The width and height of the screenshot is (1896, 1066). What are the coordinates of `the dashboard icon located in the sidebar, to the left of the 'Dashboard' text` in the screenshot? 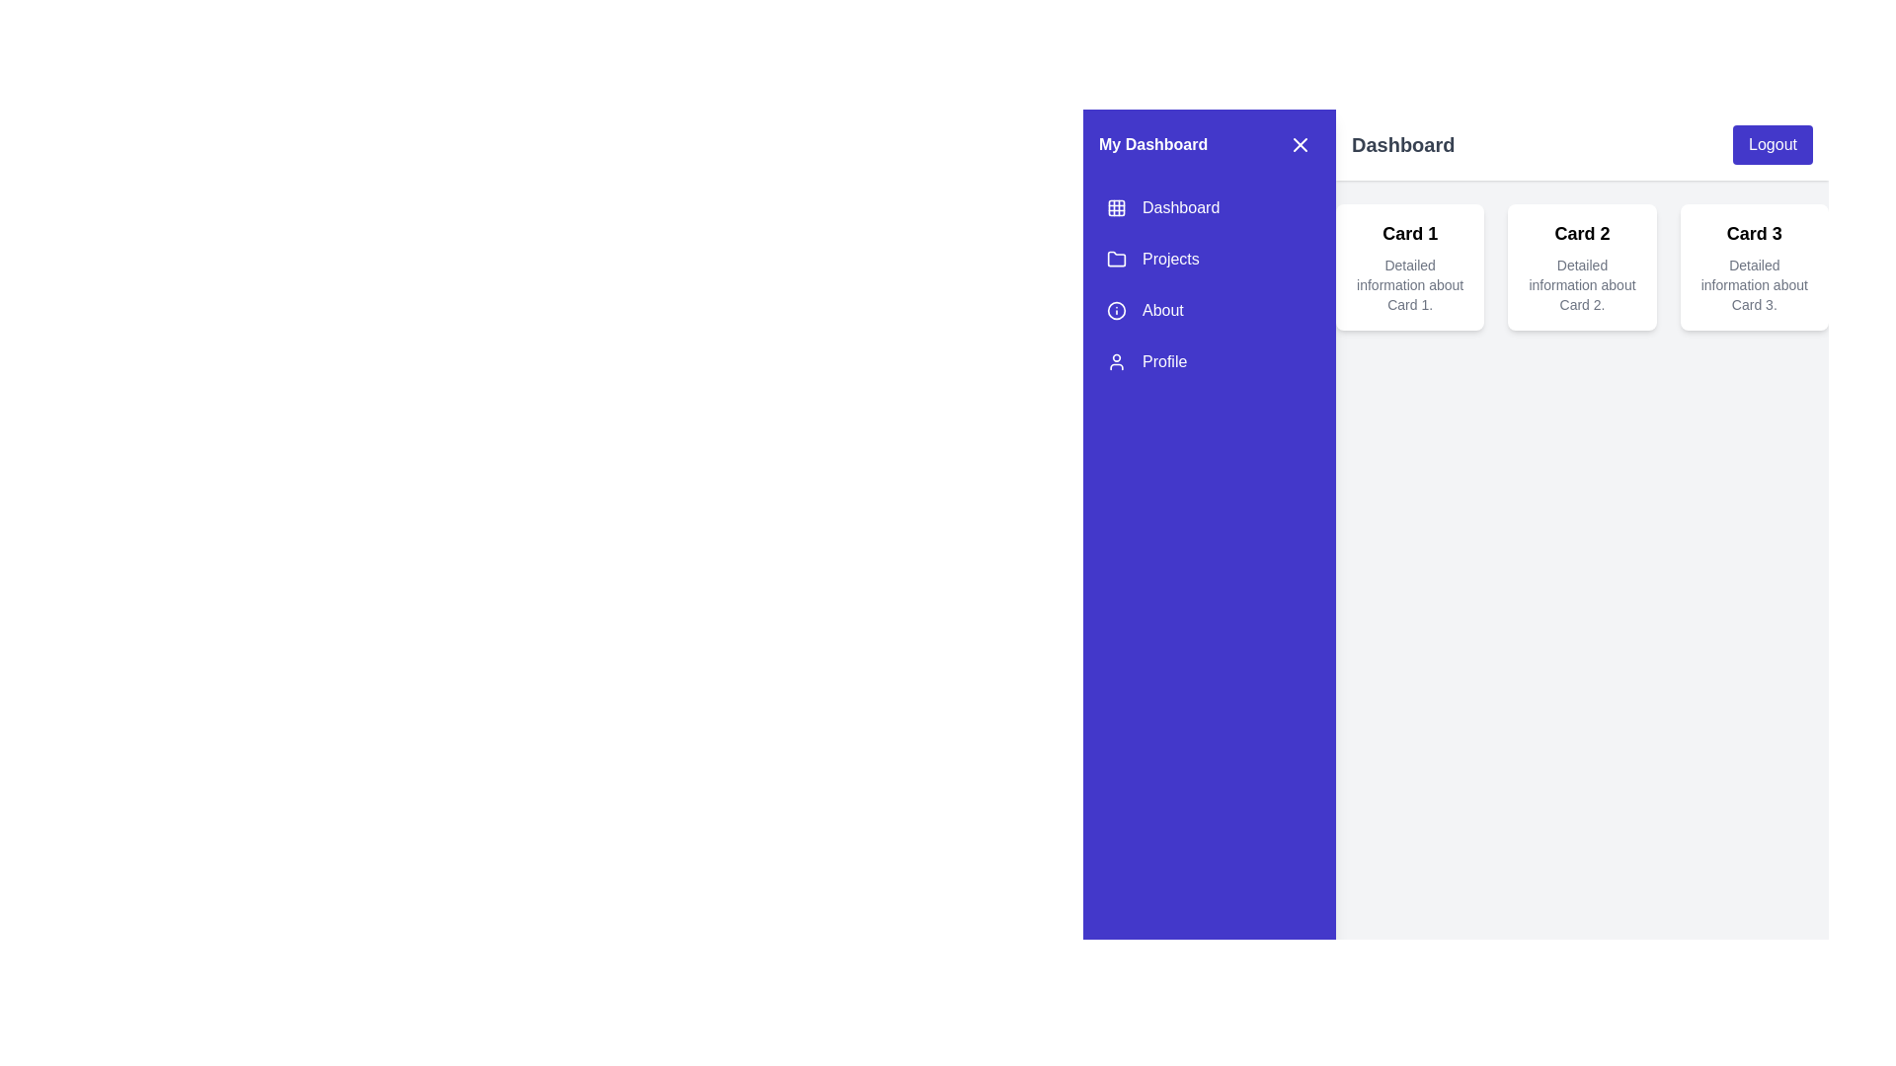 It's located at (1117, 208).